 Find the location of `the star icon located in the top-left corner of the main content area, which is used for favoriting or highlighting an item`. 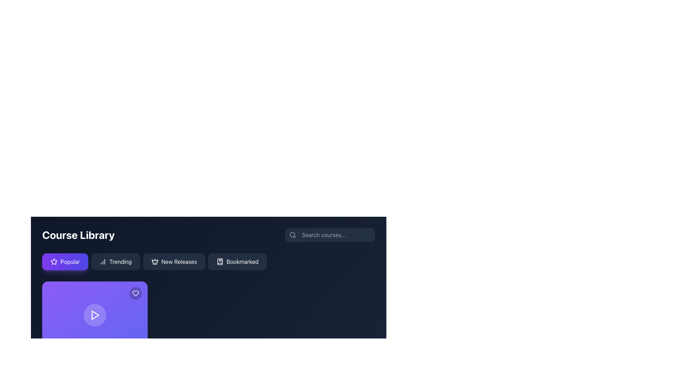

the star icon located in the top-left corner of the main content area, which is used for favoriting or highlighting an item is located at coordinates (53, 261).